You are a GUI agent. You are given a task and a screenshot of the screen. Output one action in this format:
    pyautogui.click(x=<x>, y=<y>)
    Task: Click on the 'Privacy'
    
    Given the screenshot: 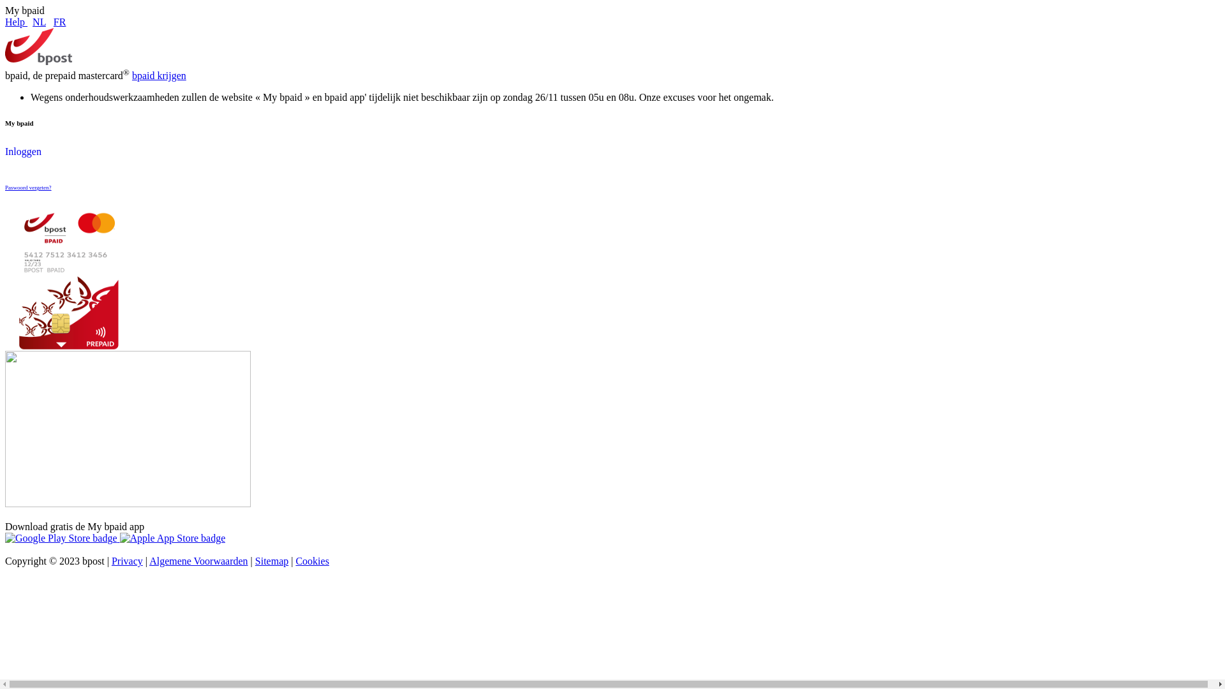 What is the action you would take?
    pyautogui.click(x=127, y=560)
    